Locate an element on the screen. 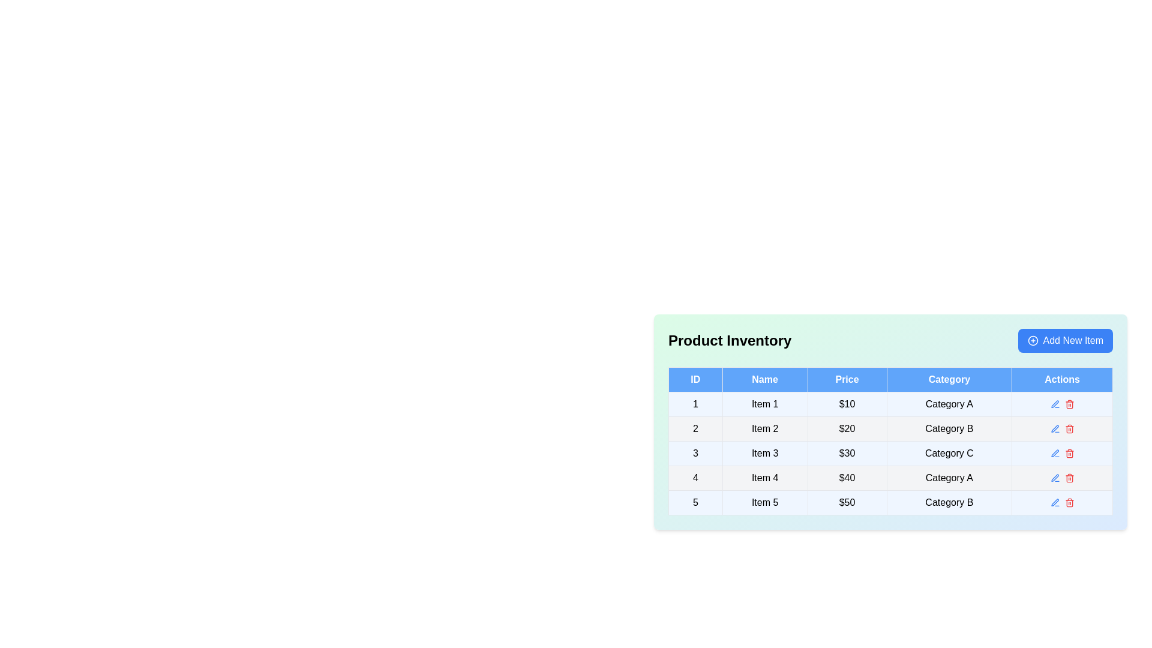 This screenshot has height=648, width=1152. the fourth row in the table that displays item details including ID, Name, Price, Category, and Actions is located at coordinates (890, 478).